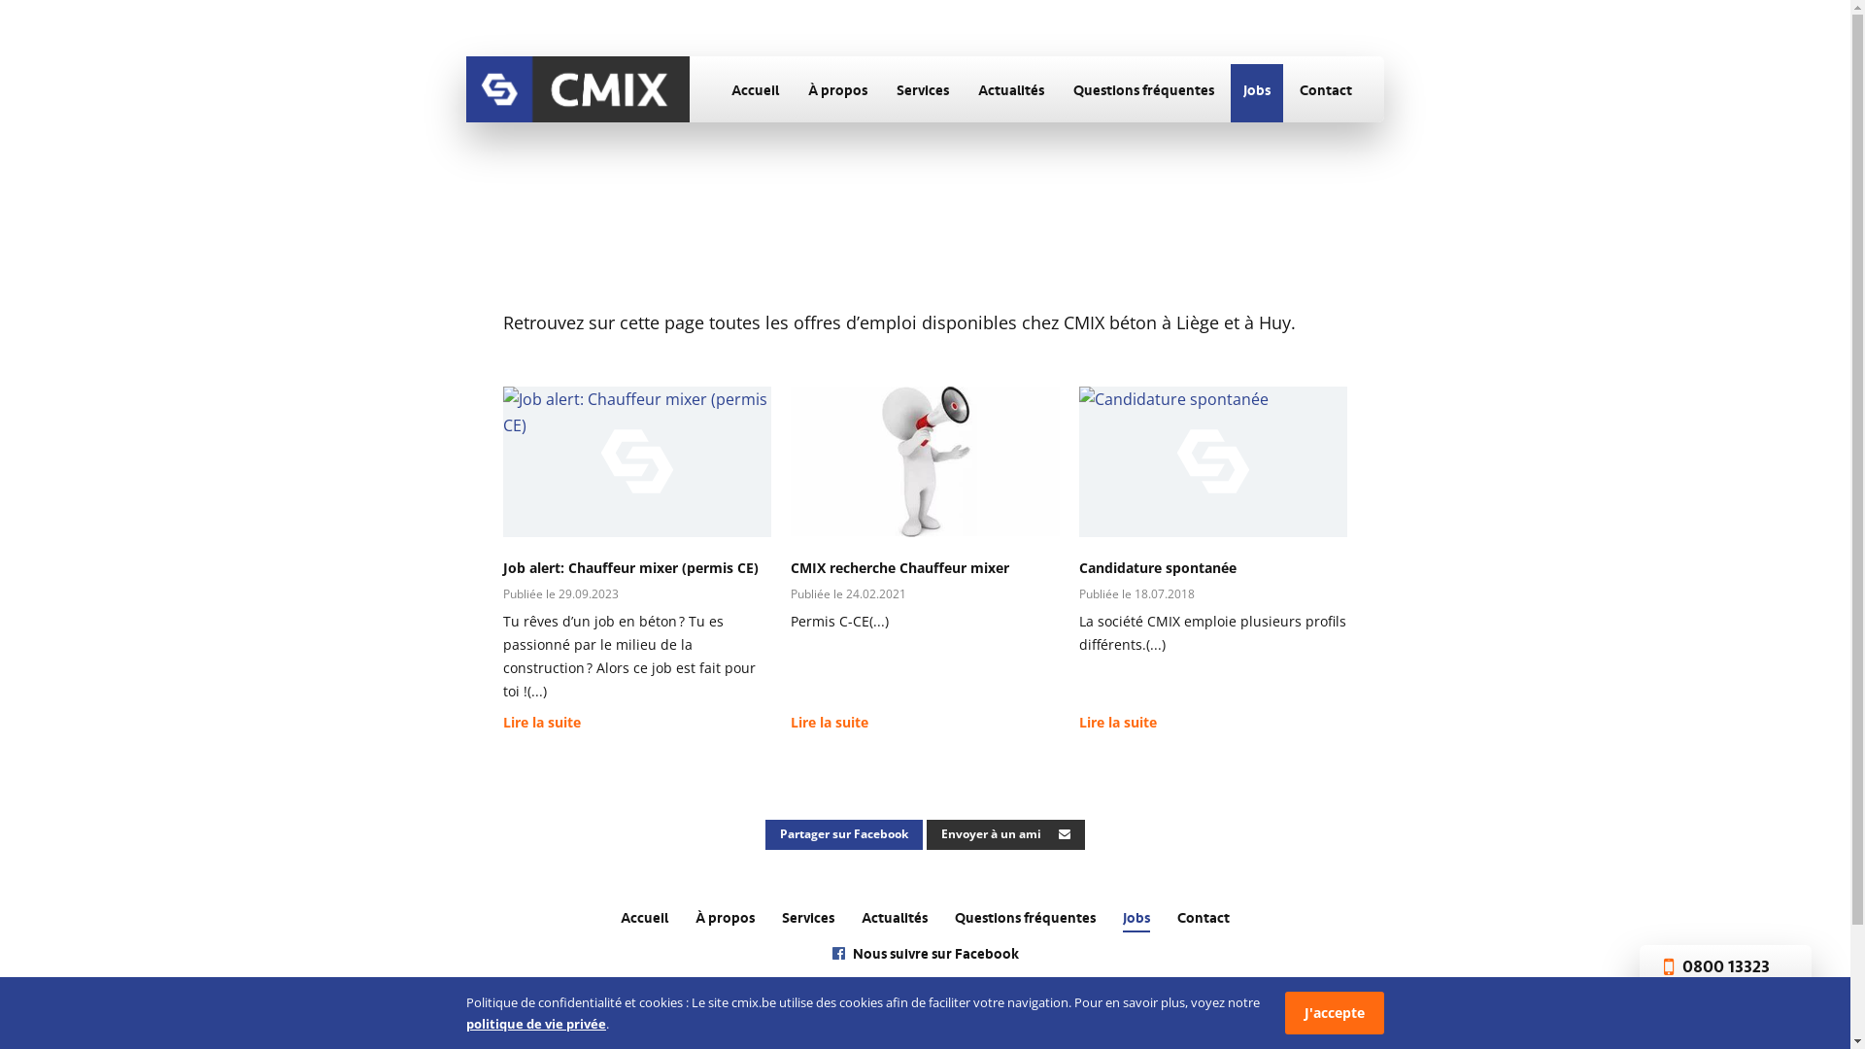  What do you see at coordinates (807, 920) in the screenshot?
I see `'Services'` at bounding box center [807, 920].